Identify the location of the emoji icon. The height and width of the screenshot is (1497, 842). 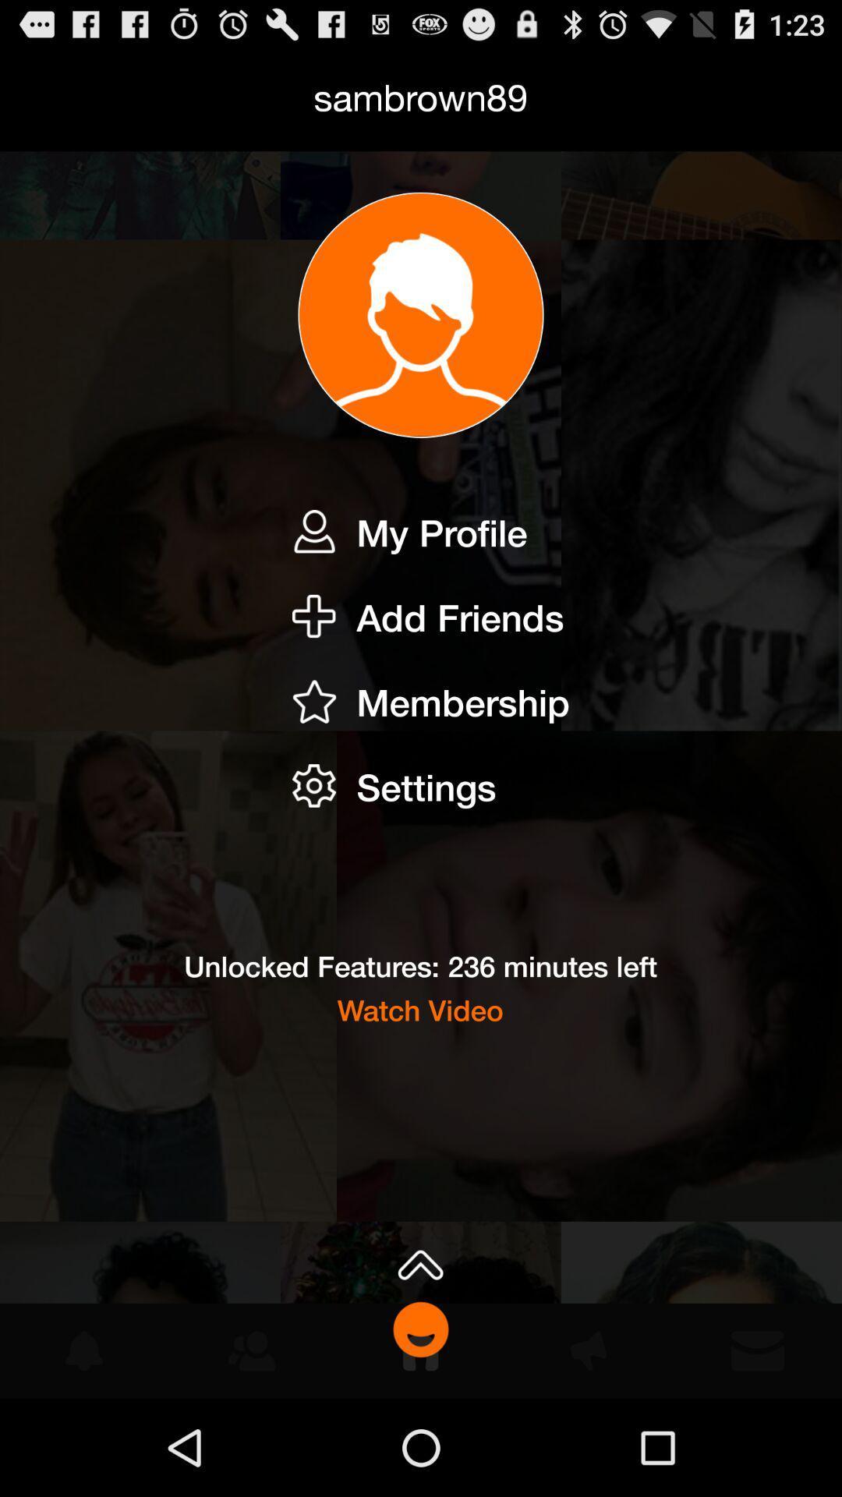
(421, 1423).